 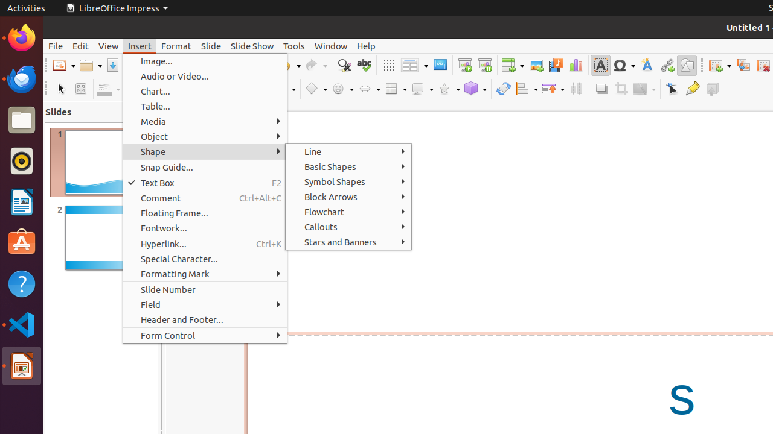 I want to click on 'Stars and Banners', so click(x=348, y=242).